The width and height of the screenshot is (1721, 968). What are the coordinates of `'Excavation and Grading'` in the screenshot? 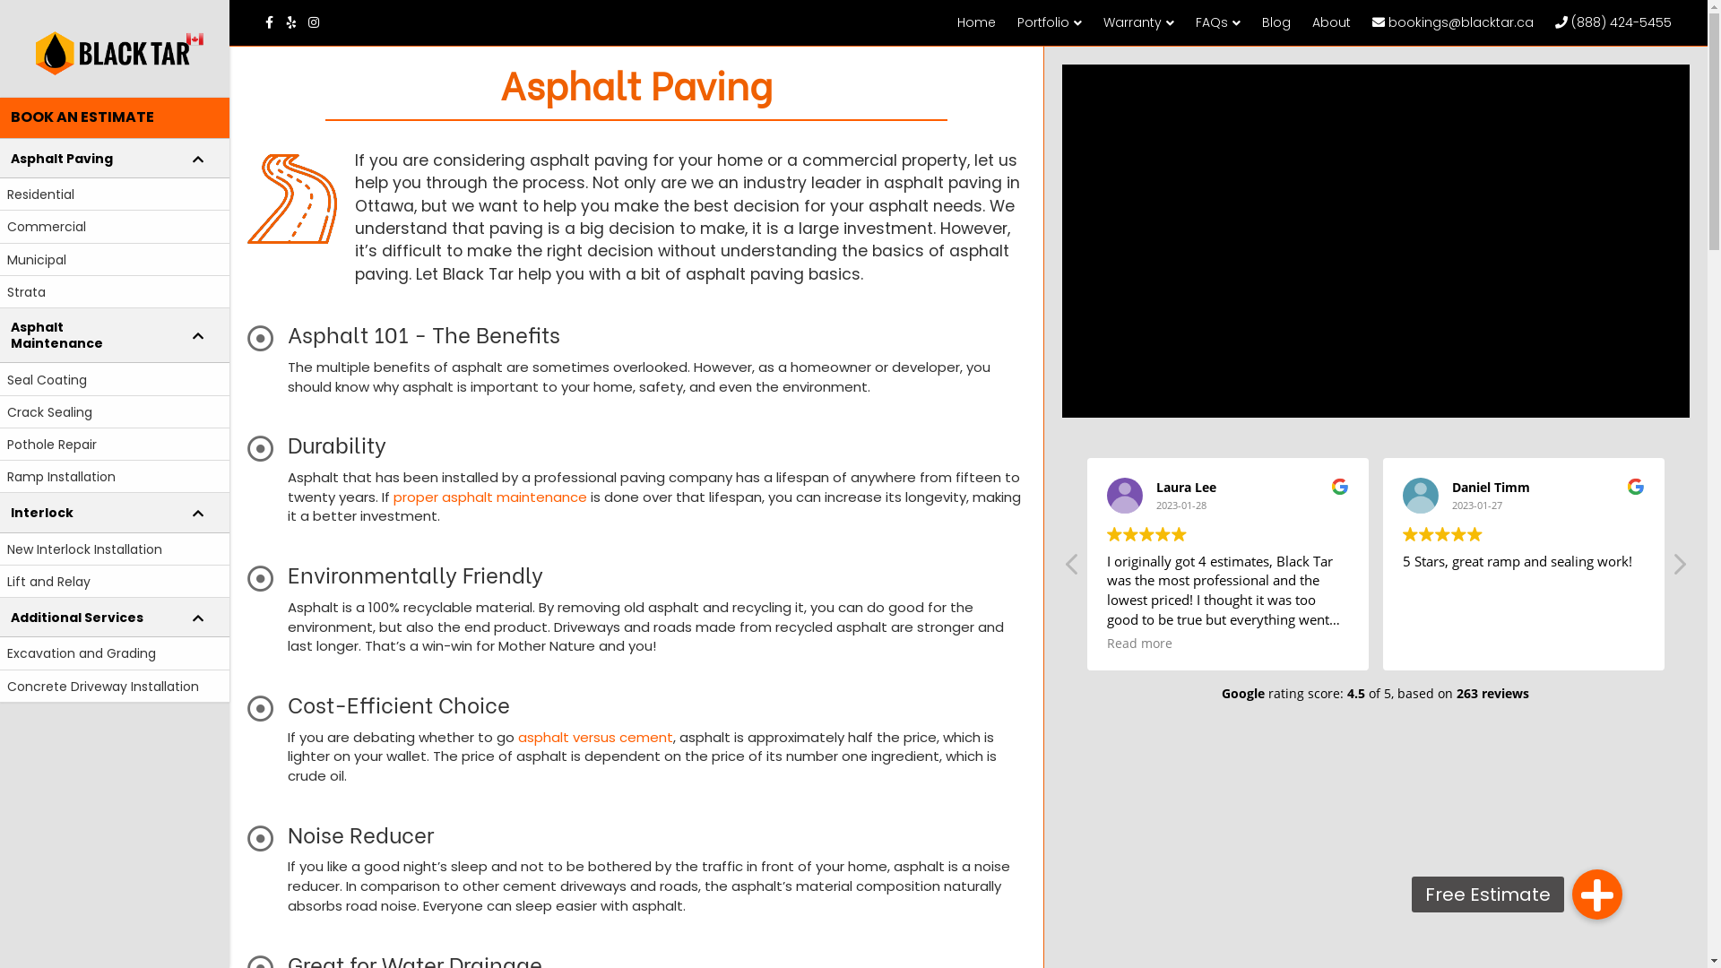 It's located at (0, 653).